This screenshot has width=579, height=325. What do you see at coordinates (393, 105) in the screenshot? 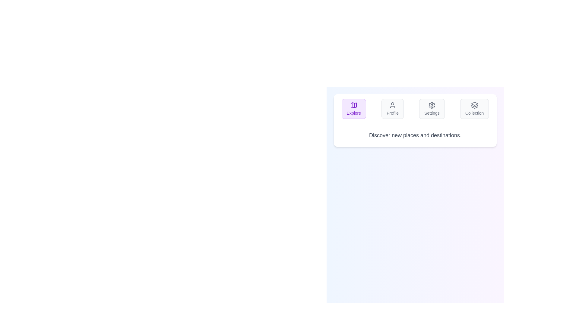
I see `the profile icon, which is a simplified user figure with a gray outline located above the 'Profile' text in the navigation bar` at bounding box center [393, 105].